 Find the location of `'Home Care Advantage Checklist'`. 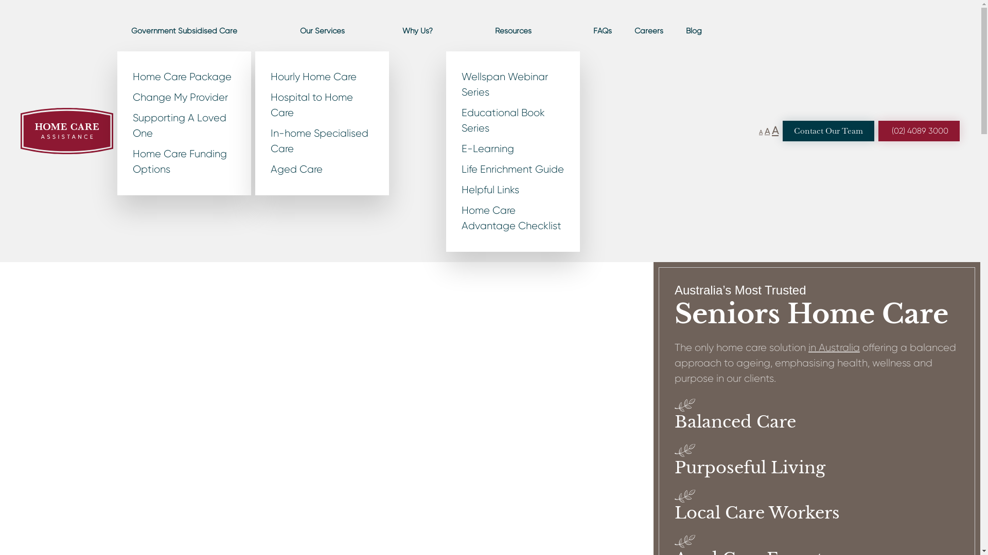

'Home Care Advantage Checklist' is located at coordinates (513, 217).